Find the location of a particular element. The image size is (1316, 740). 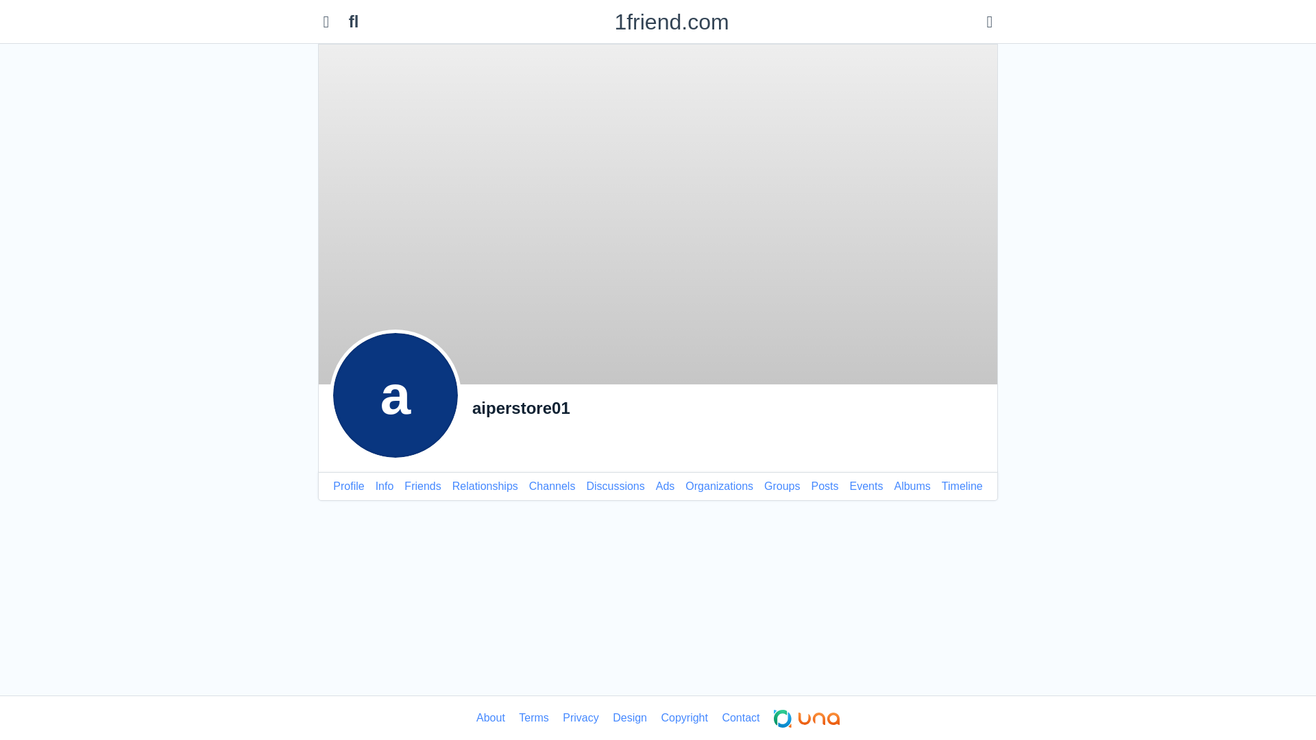

'Groups' is located at coordinates (782, 485).